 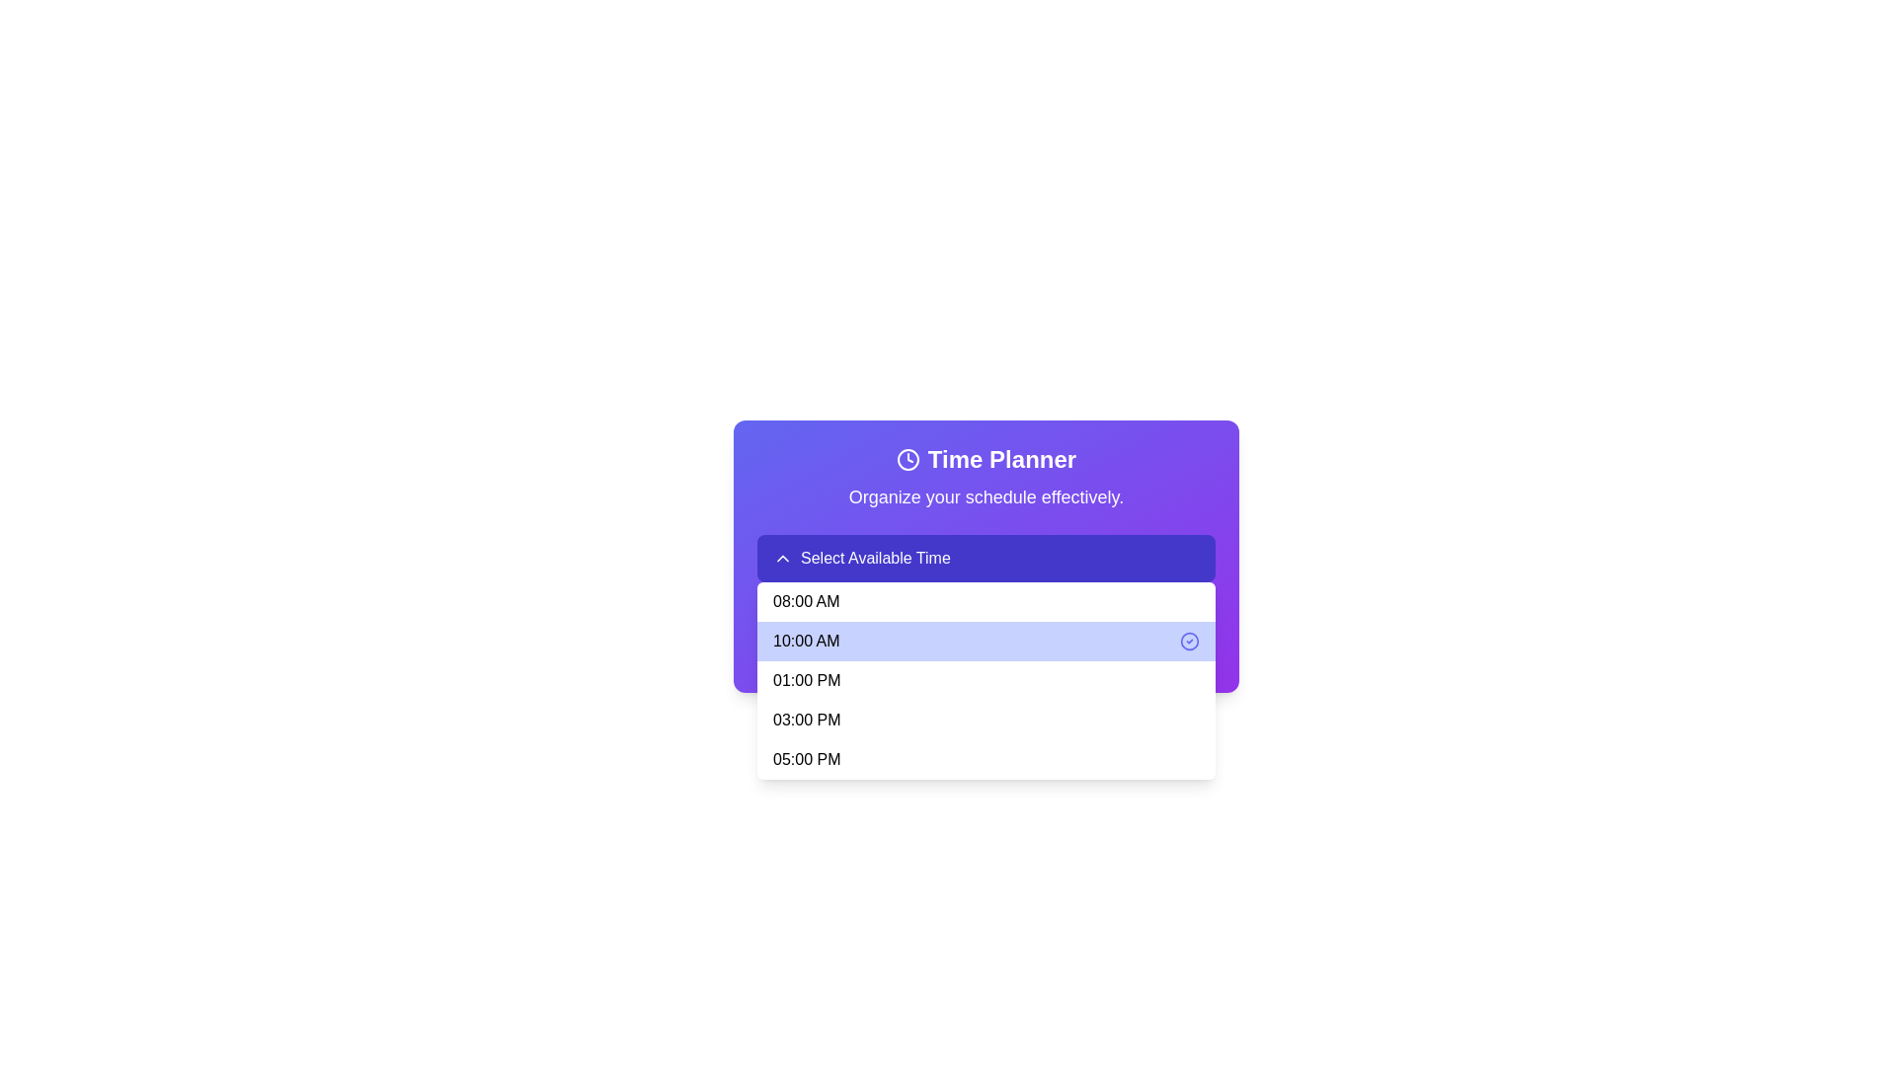 What do you see at coordinates (807, 680) in the screenshot?
I see `the text label displaying '01:00 PM' which is the third item in the dropdown list of time entries` at bounding box center [807, 680].